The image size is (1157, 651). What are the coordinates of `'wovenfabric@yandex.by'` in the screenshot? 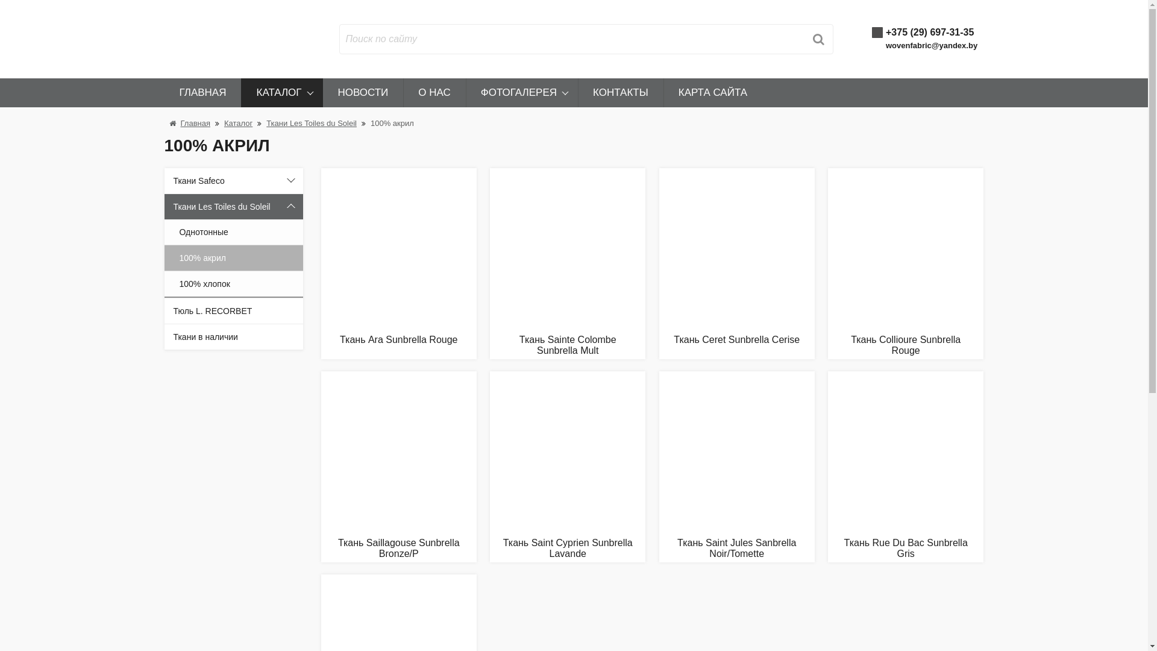 It's located at (930, 45).